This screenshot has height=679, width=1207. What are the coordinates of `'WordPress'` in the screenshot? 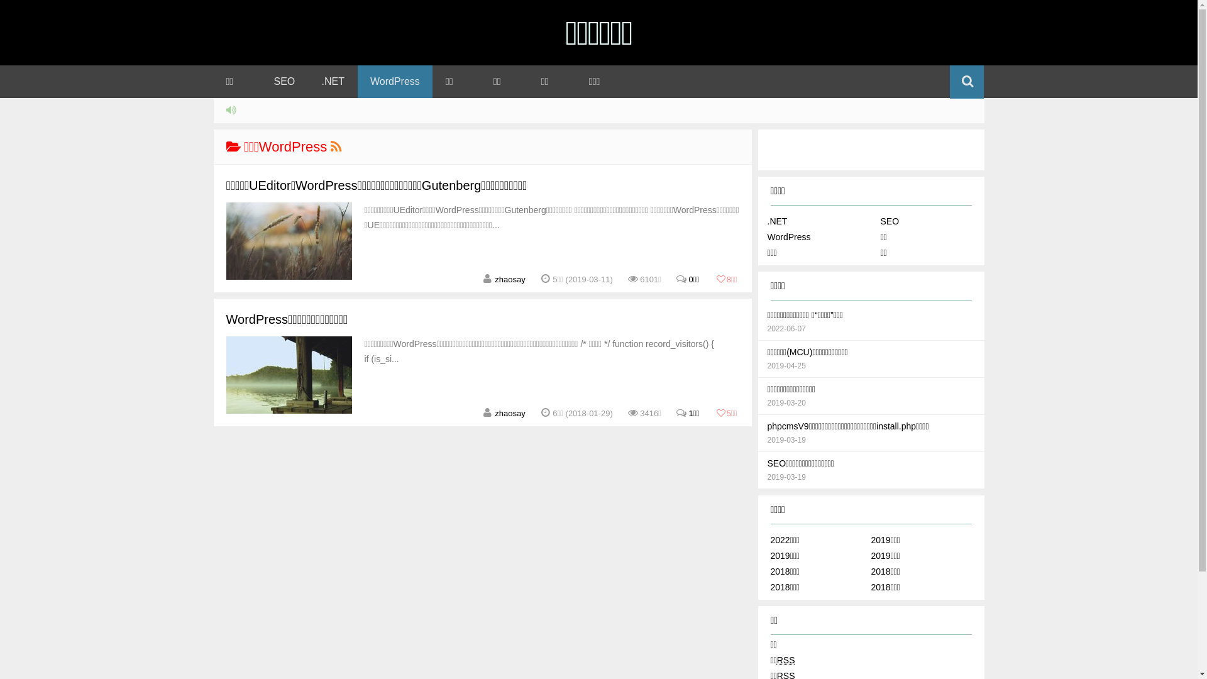 It's located at (766, 237).